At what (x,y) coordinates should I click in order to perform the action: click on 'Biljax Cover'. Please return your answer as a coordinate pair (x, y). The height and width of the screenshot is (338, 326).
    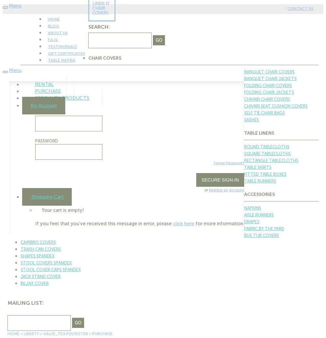
    Looking at the image, I should click on (34, 283).